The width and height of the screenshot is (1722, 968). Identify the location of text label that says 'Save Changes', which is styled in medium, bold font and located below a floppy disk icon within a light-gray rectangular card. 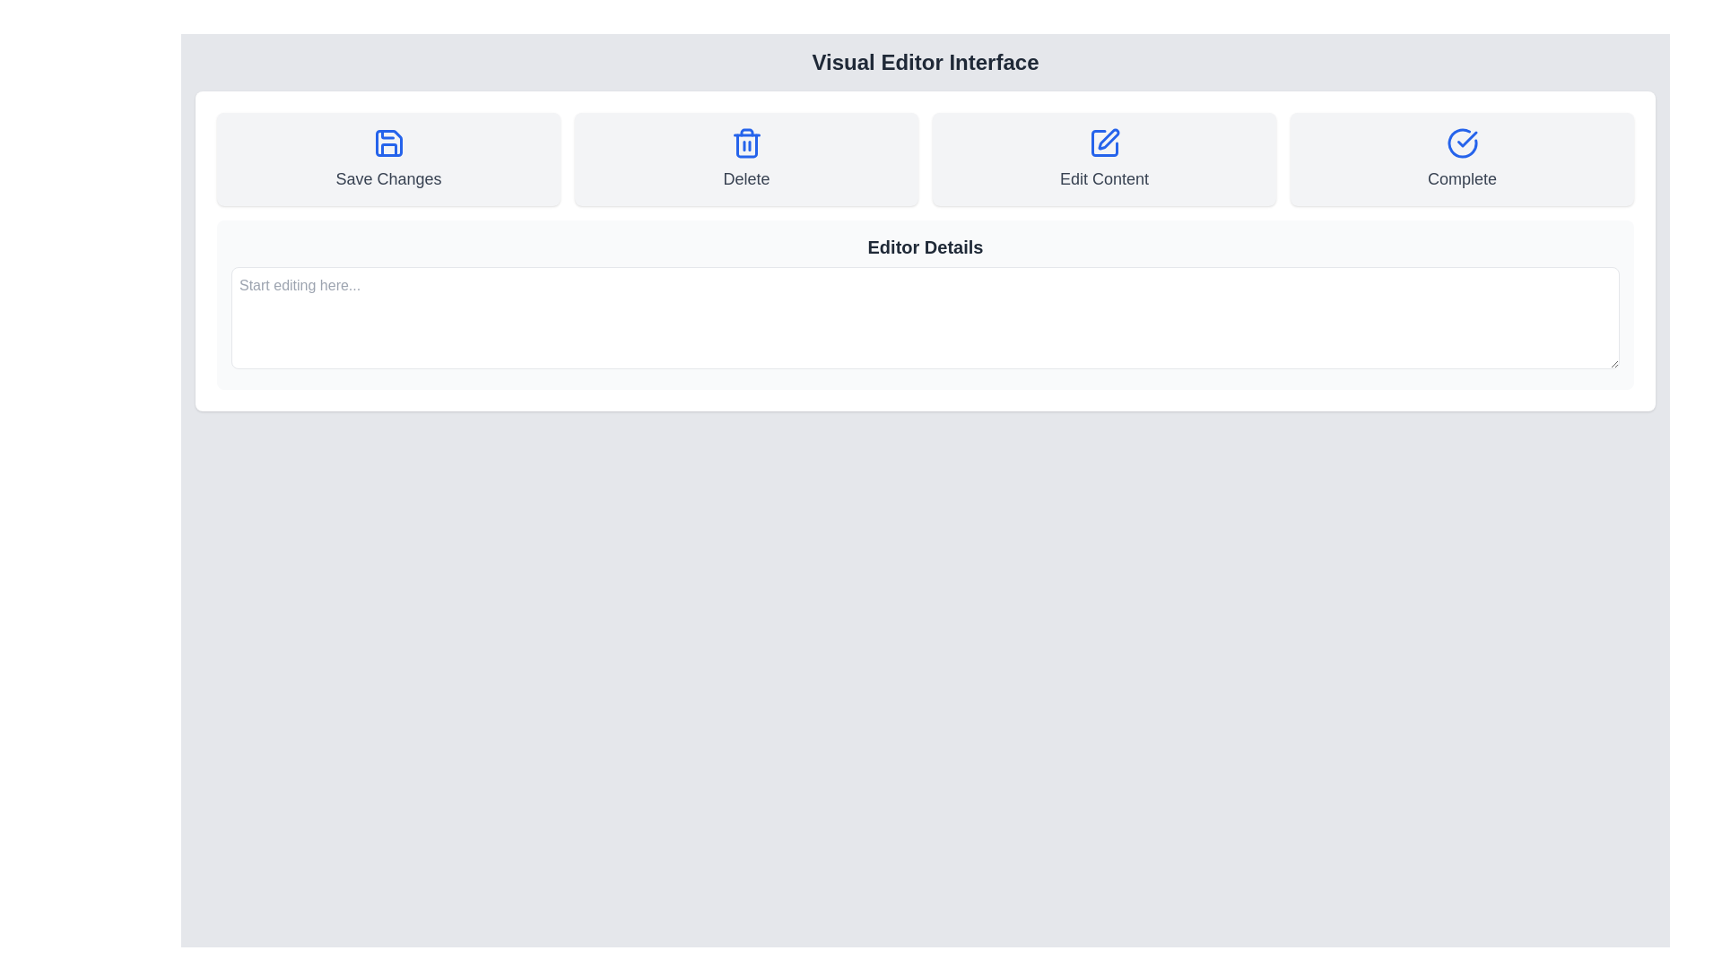
(387, 179).